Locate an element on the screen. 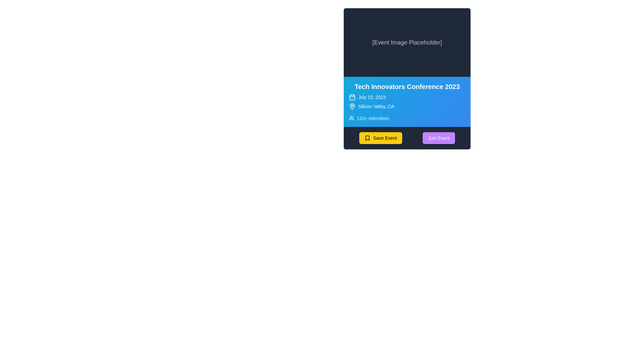 Image resolution: width=634 pixels, height=356 pixels. the decorative blue rectangle element of the calendar icon located to the left of the text 'July 15, 2023' under the title 'Tech Innovators Conference 2023' is located at coordinates (352, 97).